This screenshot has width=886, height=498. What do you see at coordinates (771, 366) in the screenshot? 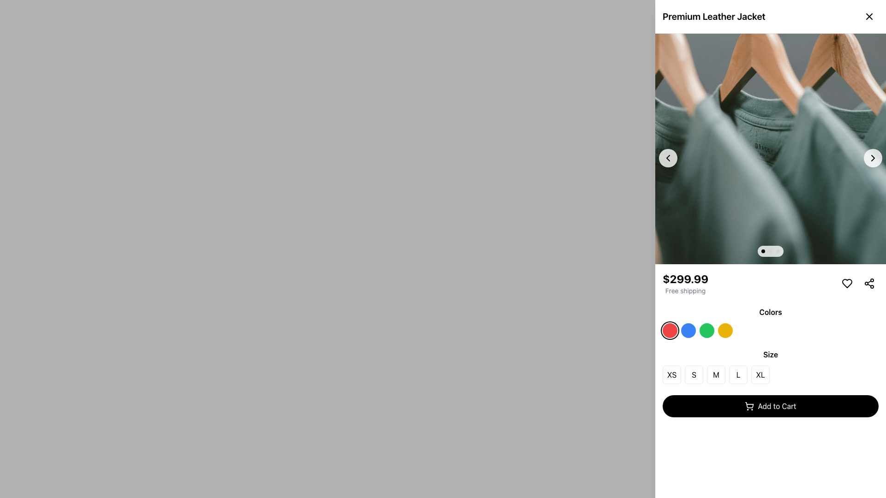
I see `the size selection buttons in the Interactive size selection section labeled 'Size'` at bounding box center [771, 366].